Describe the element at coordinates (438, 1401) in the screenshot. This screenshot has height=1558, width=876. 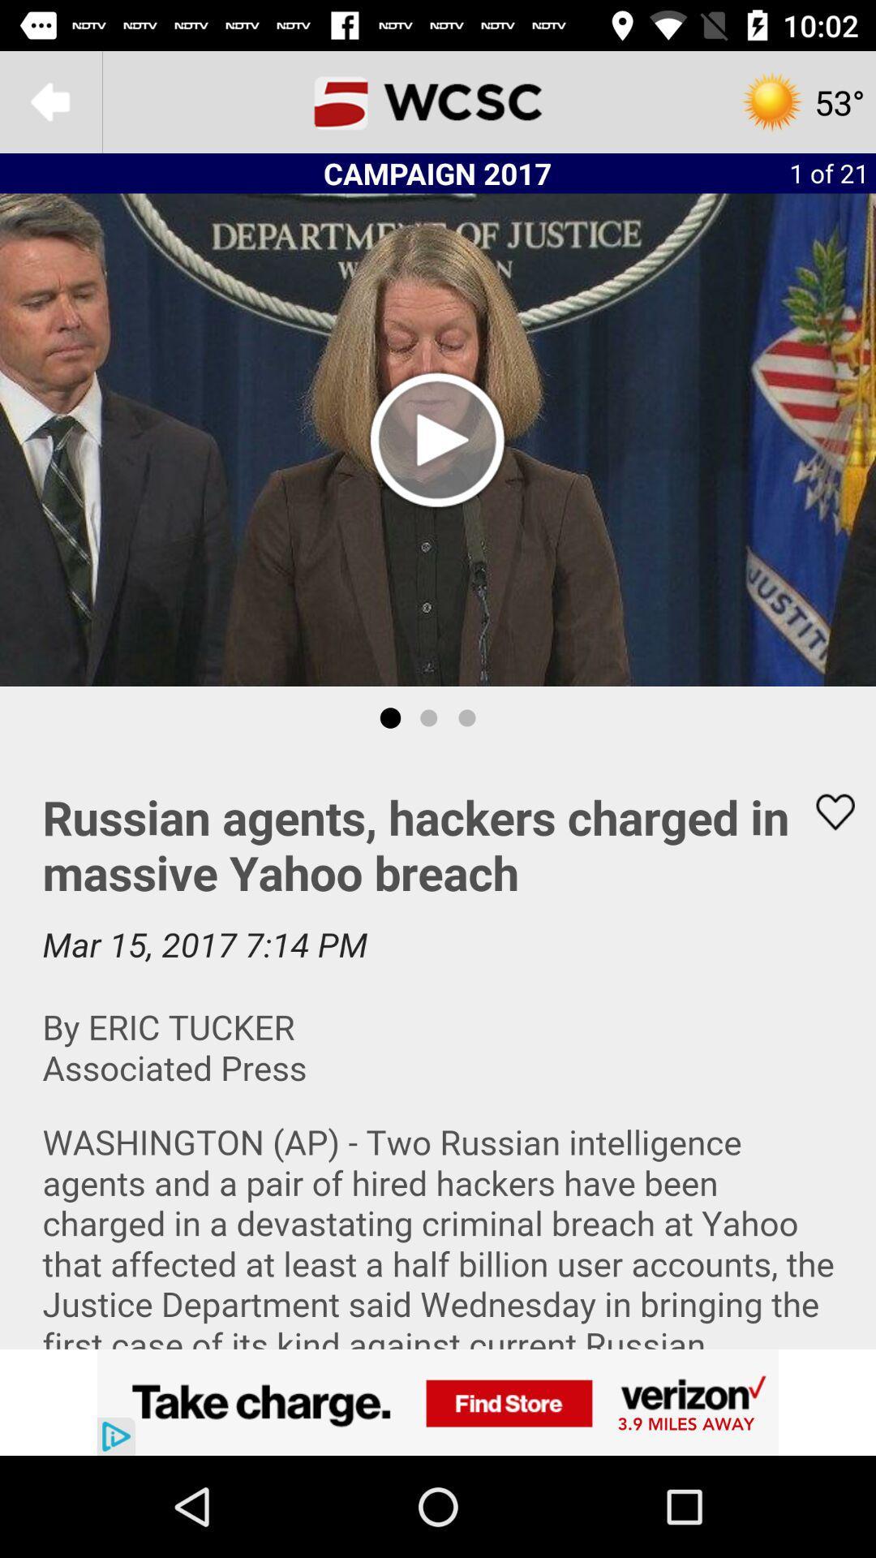
I see `advertisement` at that location.